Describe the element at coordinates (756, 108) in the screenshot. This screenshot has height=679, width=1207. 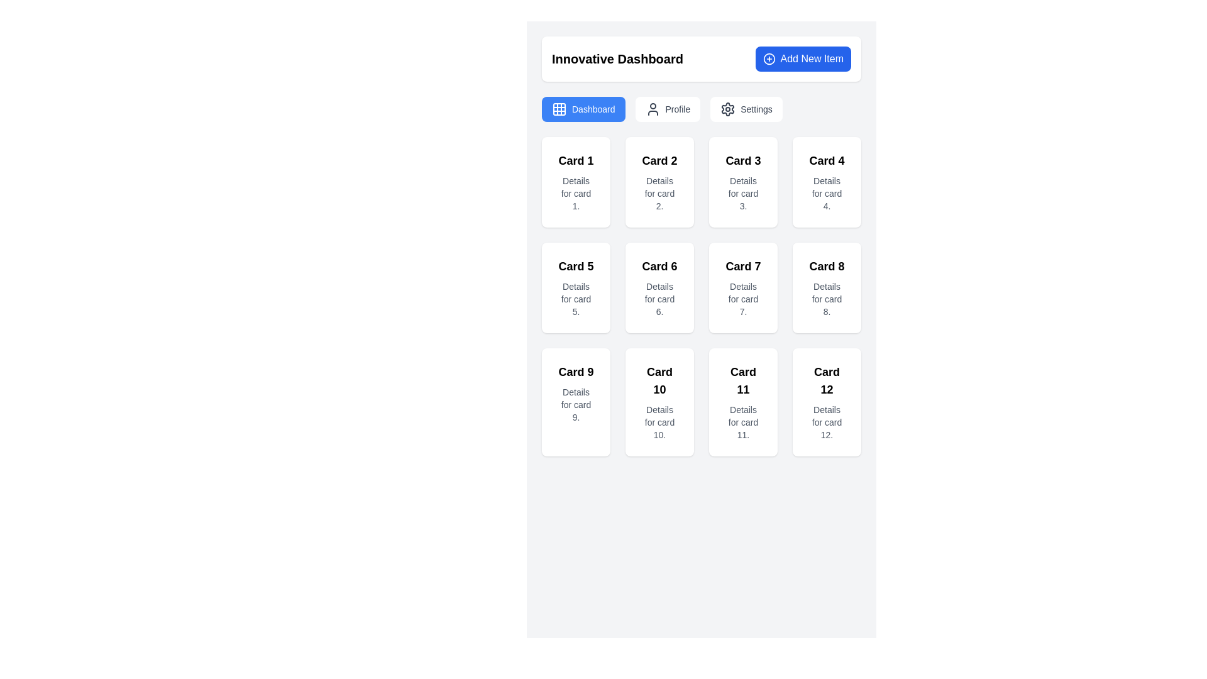
I see `the 'Settings' text label, which is styled with a moderate font size and medium-weight font, positioned to the right of a gear icon in the third button of the navigation options` at that location.